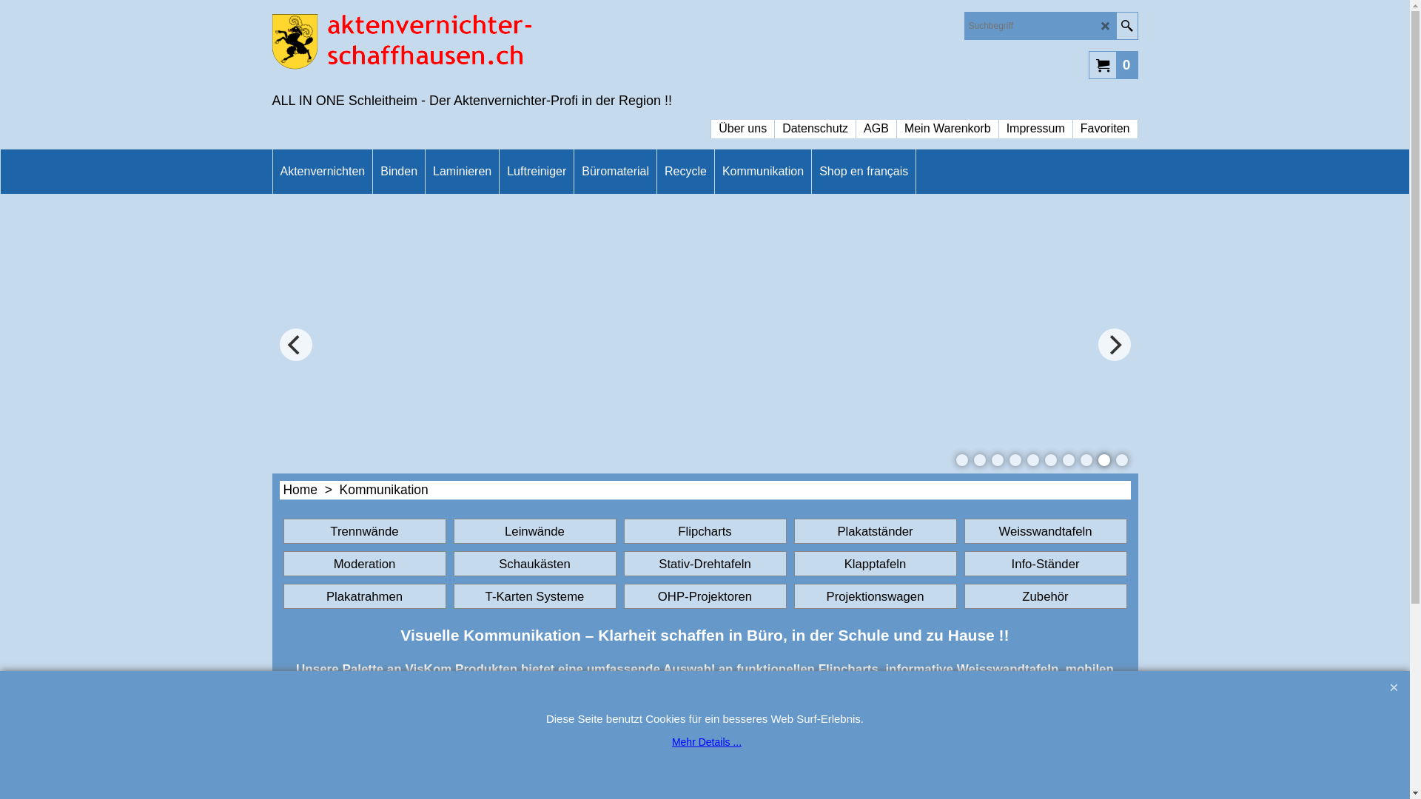  What do you see at coordinates (535, 170) in the screenshot?
I see `'Luftreiniger'` at bounding box center [535, 170].